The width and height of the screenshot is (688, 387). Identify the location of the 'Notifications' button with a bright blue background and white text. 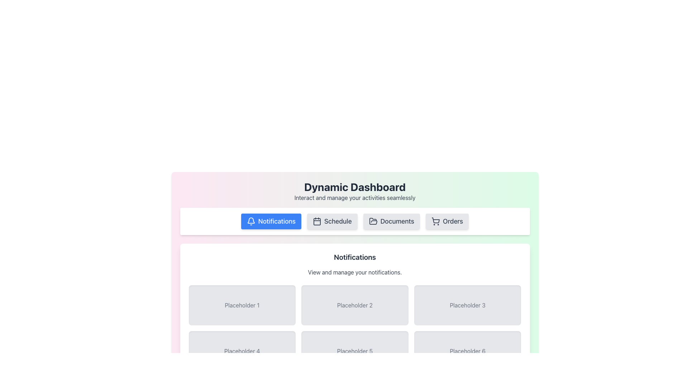
(271, 221).